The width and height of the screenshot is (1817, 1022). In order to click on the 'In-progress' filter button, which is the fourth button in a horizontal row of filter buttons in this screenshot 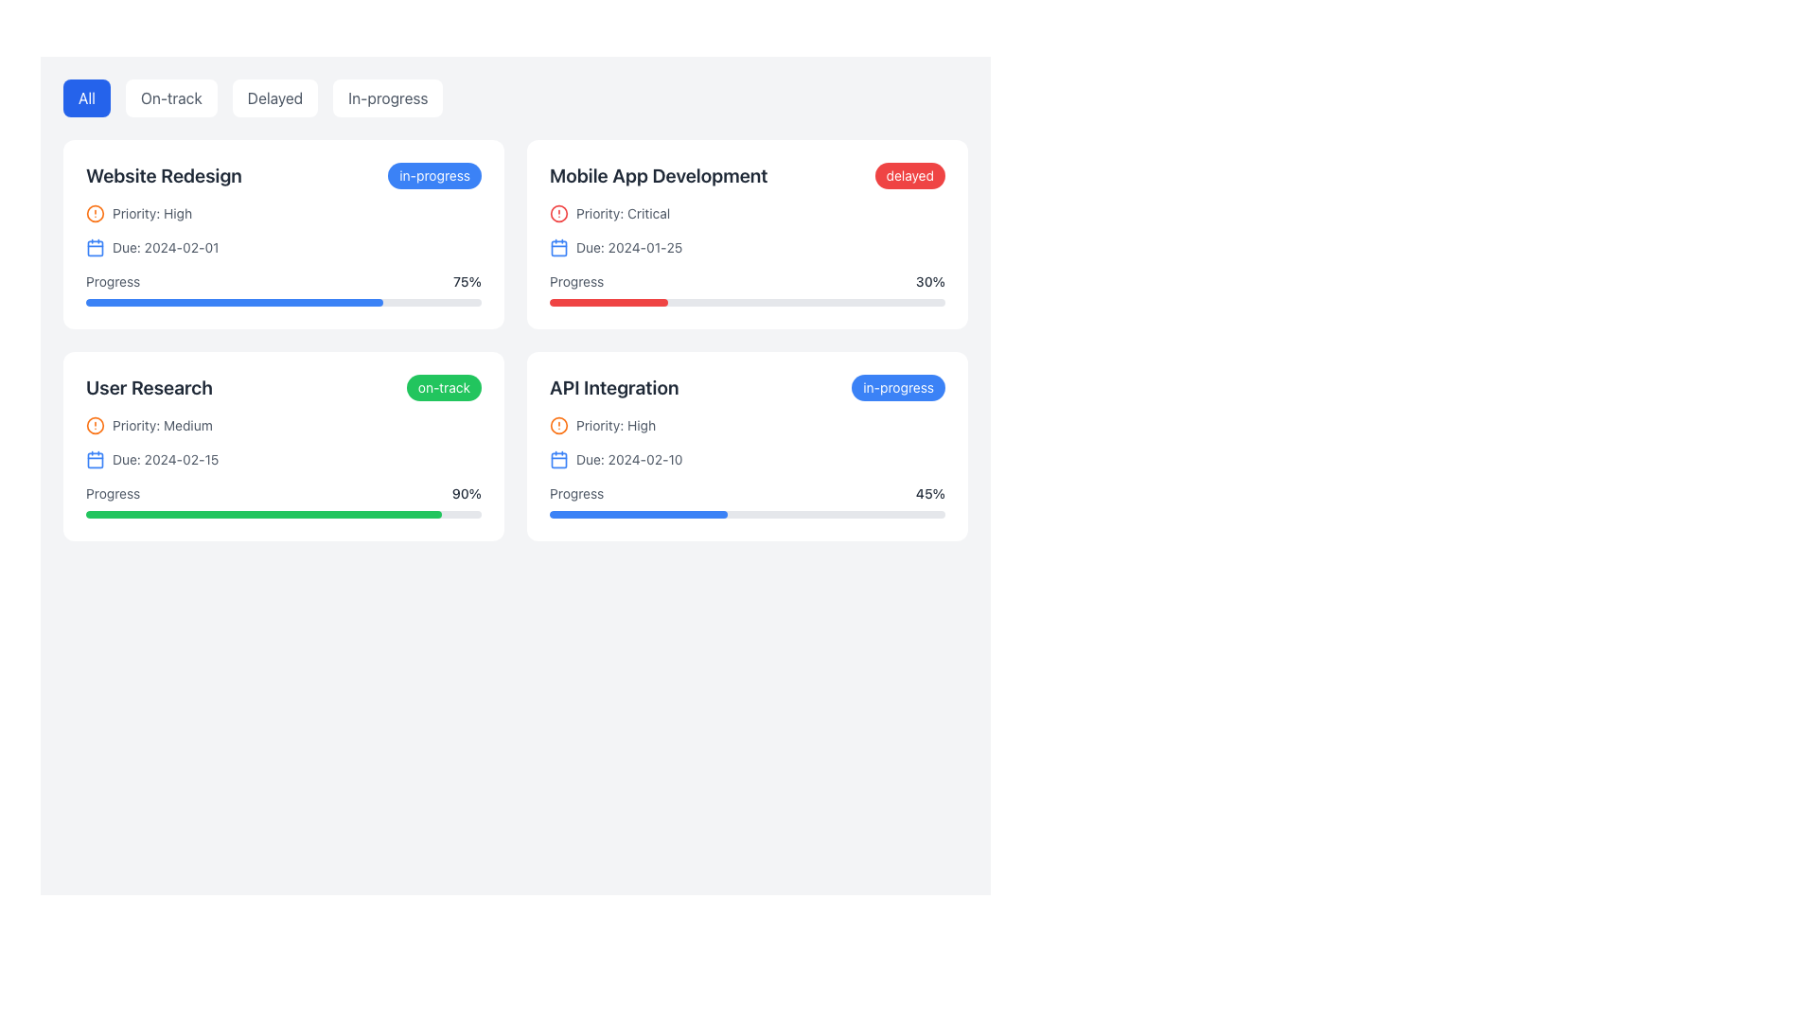, I will do `click(387, 98)`.